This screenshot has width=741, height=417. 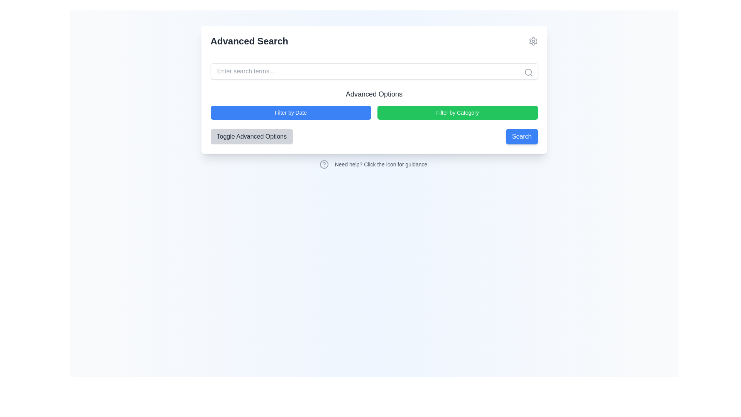 What do you see at coordinates (324, 164) in the screenshot?
I see `the help icon located to the left of the text 'Need help? Click the icon for guidance.'` at bounding box center [324, 164].